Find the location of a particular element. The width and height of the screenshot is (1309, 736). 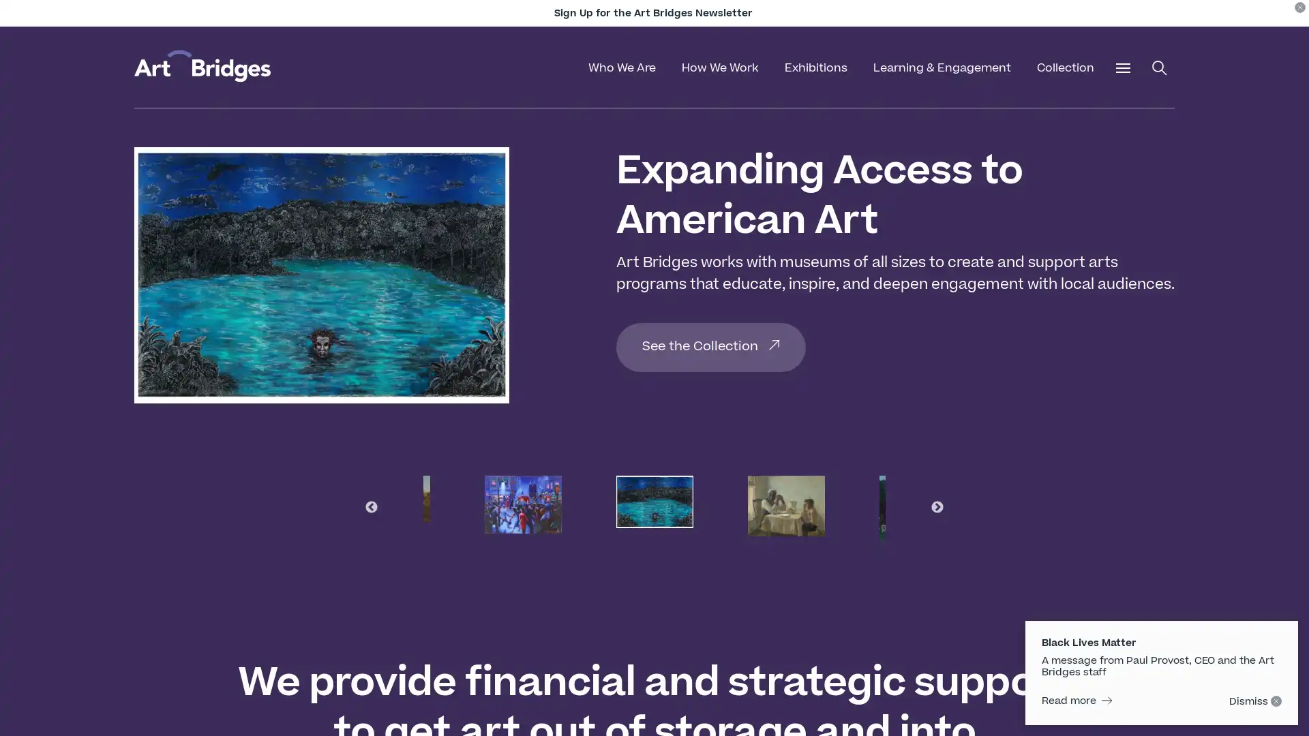

Previous is located at coordinates (372, 507).